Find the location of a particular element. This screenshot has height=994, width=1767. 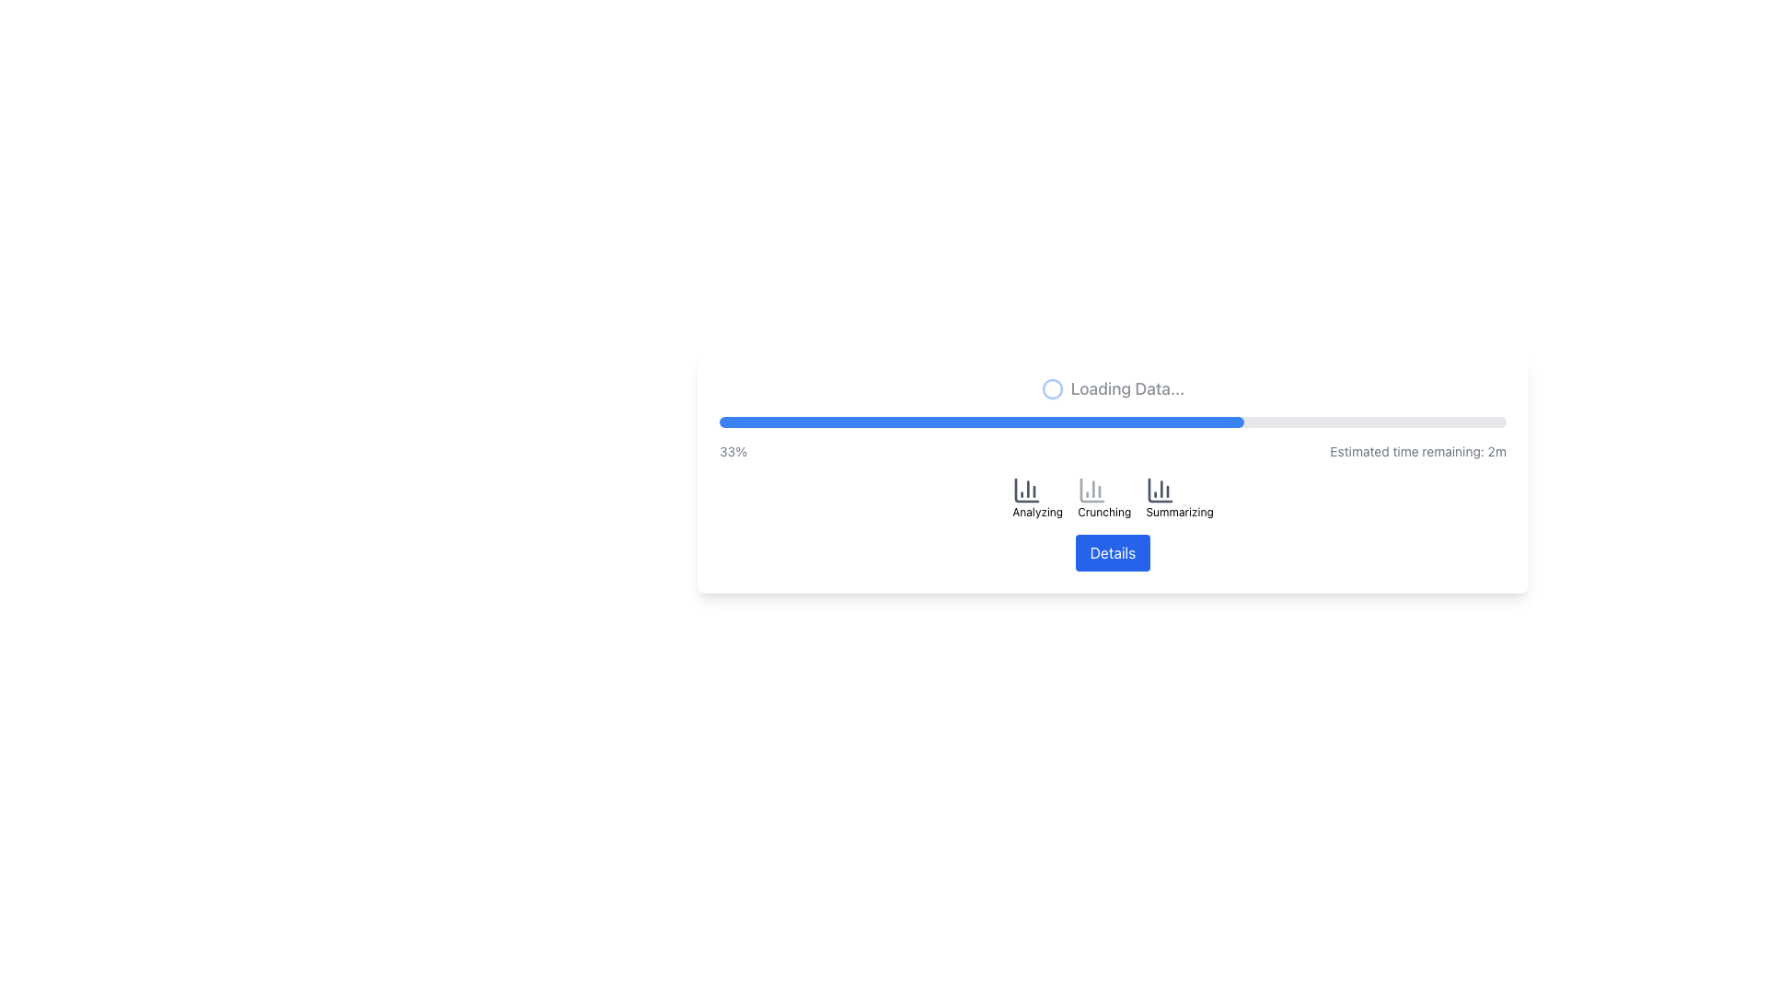

the status represented by the 'Analyzing' icon in the visual progress indicator, which is the first icon in a row at the bottom of the progress bar is located at coordinates (1026, 489).